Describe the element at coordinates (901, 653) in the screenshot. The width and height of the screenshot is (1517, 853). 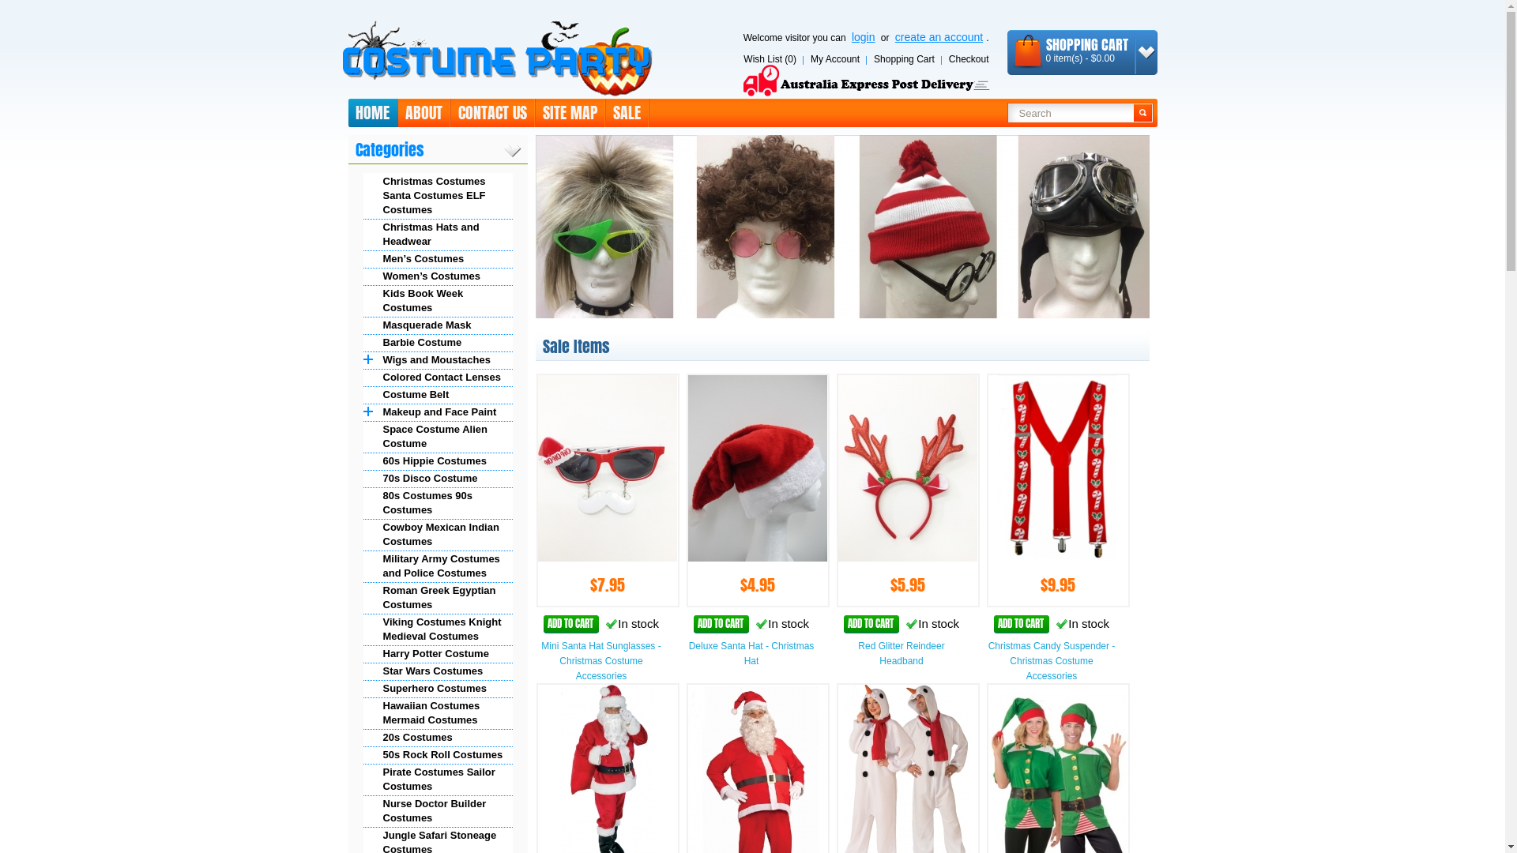
I see `'Red Glitter Reindeer Headband'` at that location.